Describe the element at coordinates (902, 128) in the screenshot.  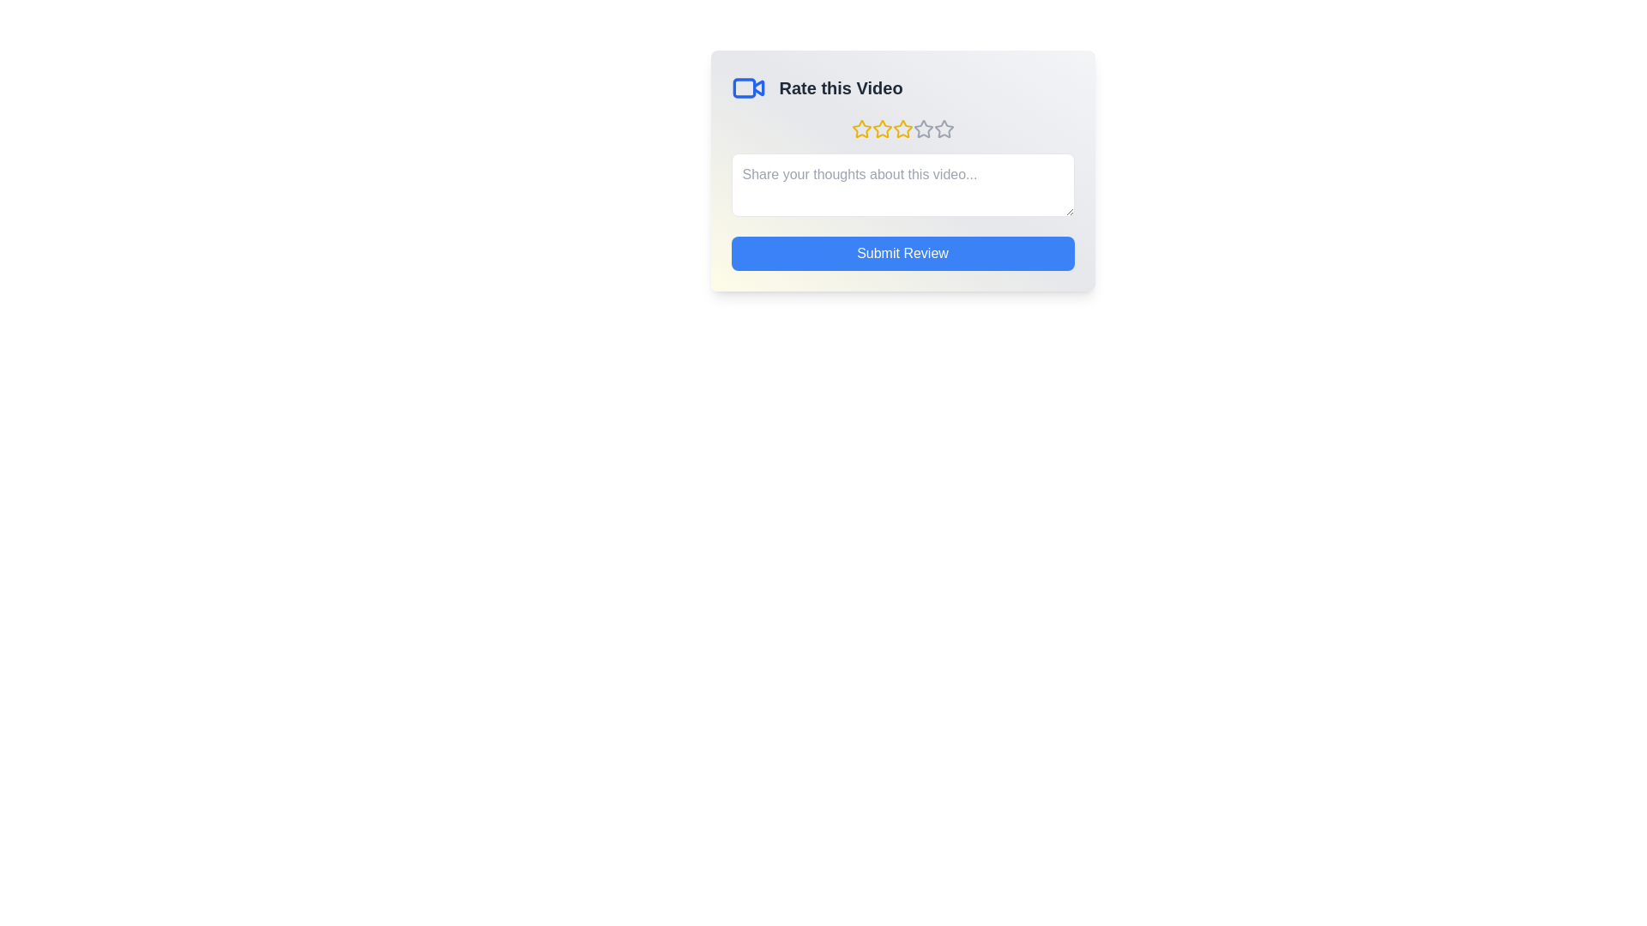
I see `the rating to 3 stars by clicking on the respective star` at that location.